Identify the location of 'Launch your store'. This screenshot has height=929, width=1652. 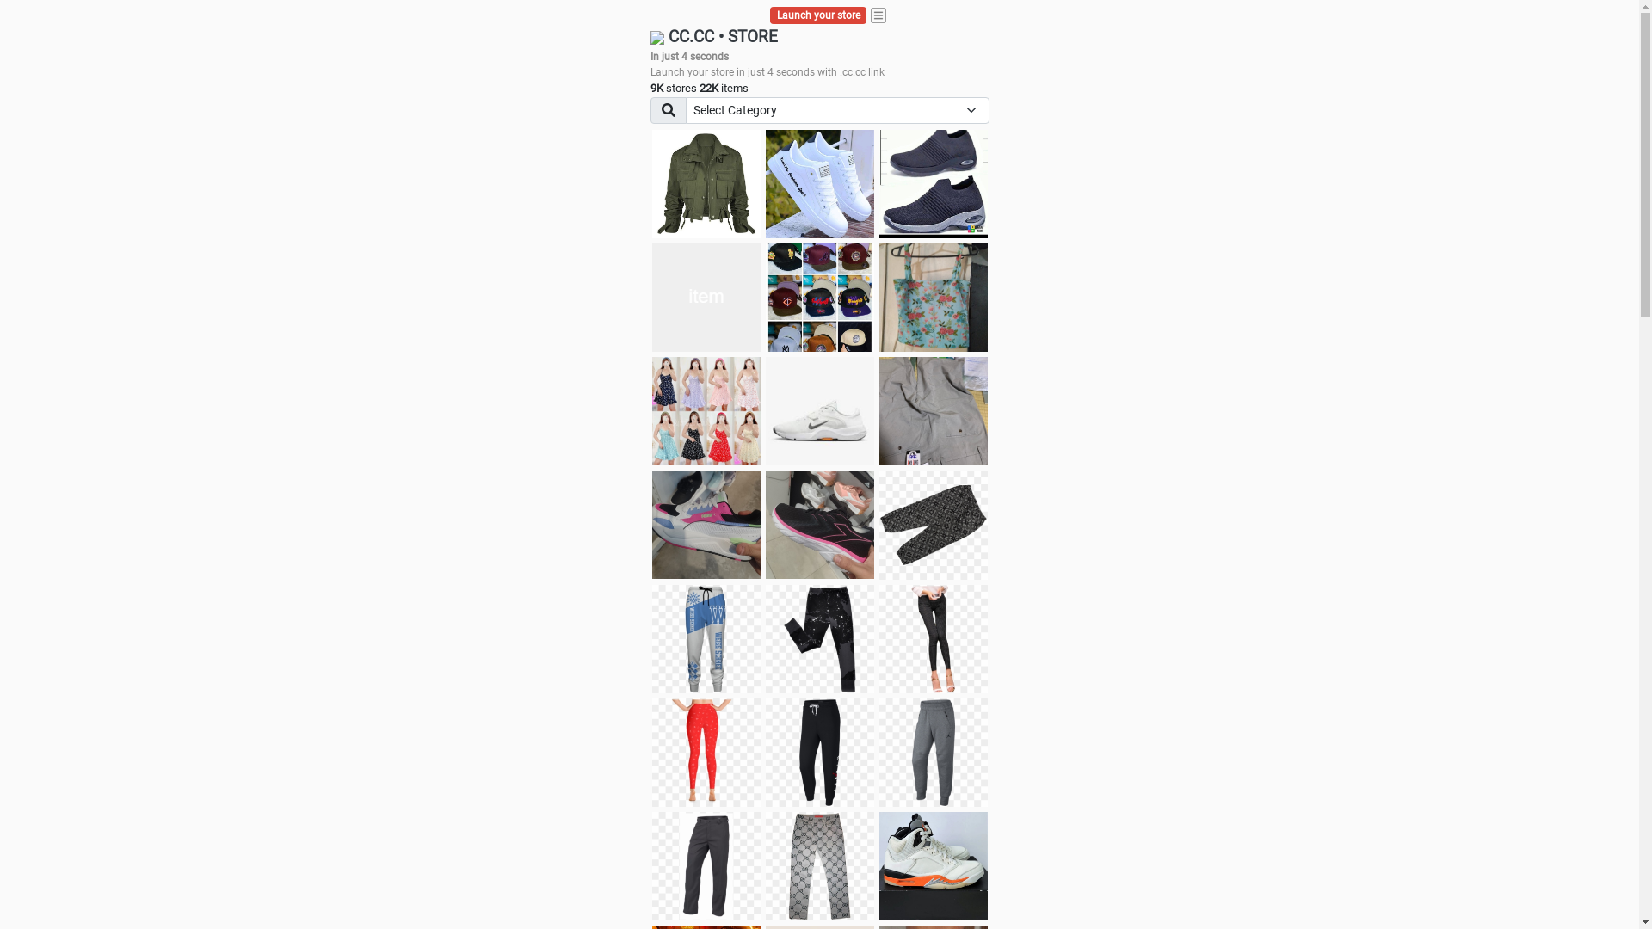
(817, 15).